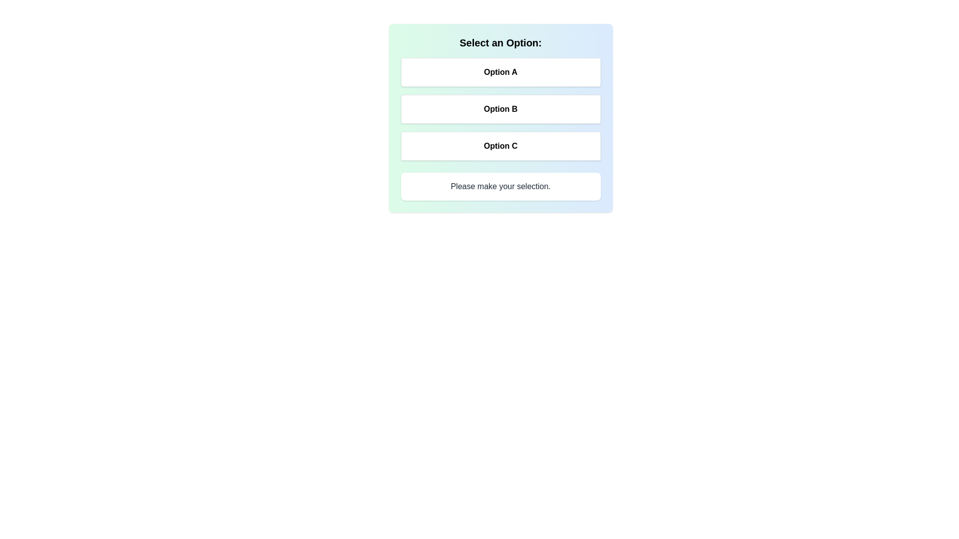 Image resolution: width=959 pixels, height=539 pixels. Describe the element at coordinates (500, 109) in the screenshot. I see `the 'Option B' button, which is the second of three stacked options in a vertical list` at that location.